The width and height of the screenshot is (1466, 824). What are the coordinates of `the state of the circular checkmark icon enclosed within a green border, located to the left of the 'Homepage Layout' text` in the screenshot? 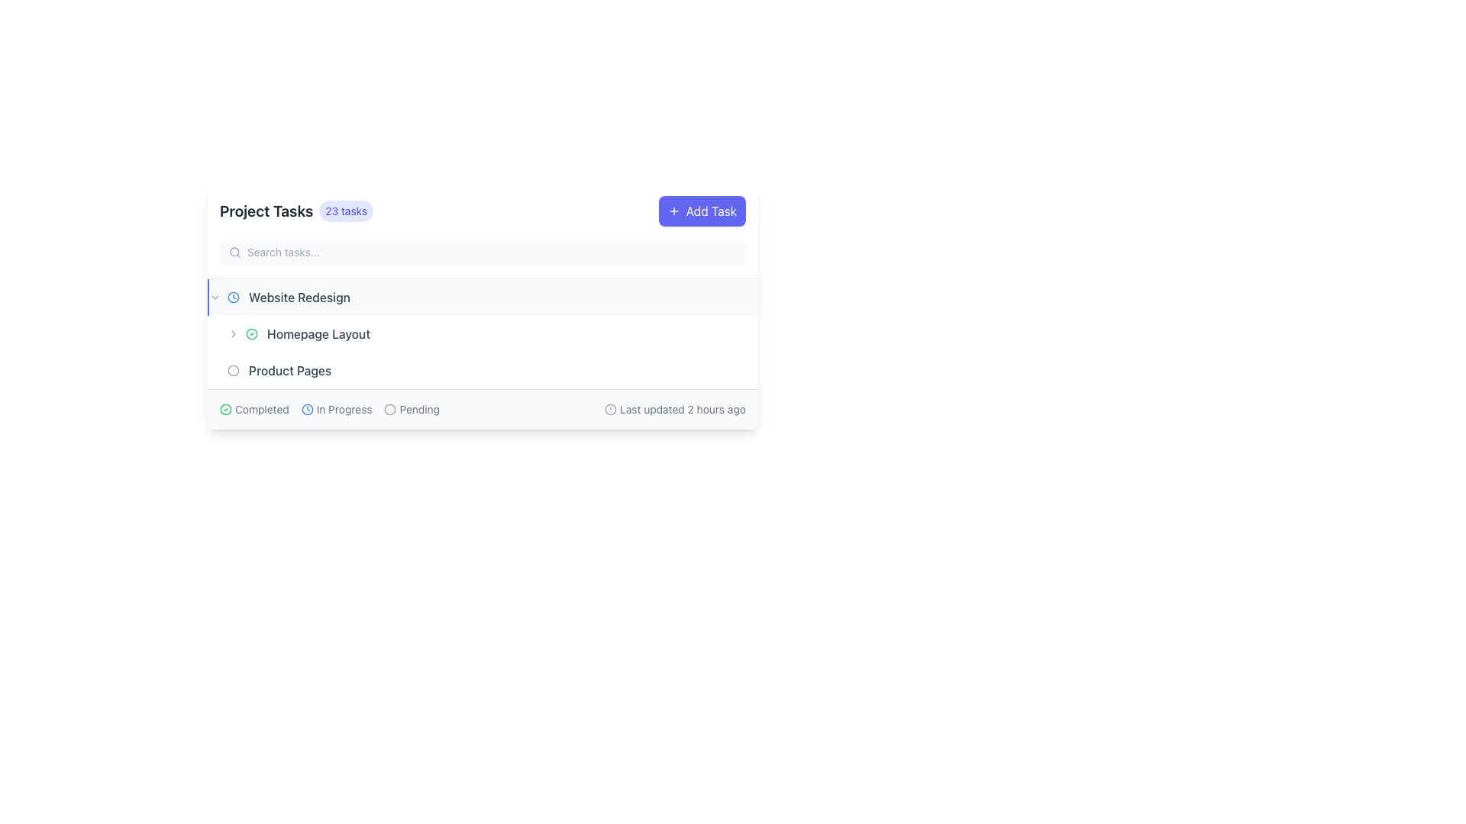 It's located at (252, 333).